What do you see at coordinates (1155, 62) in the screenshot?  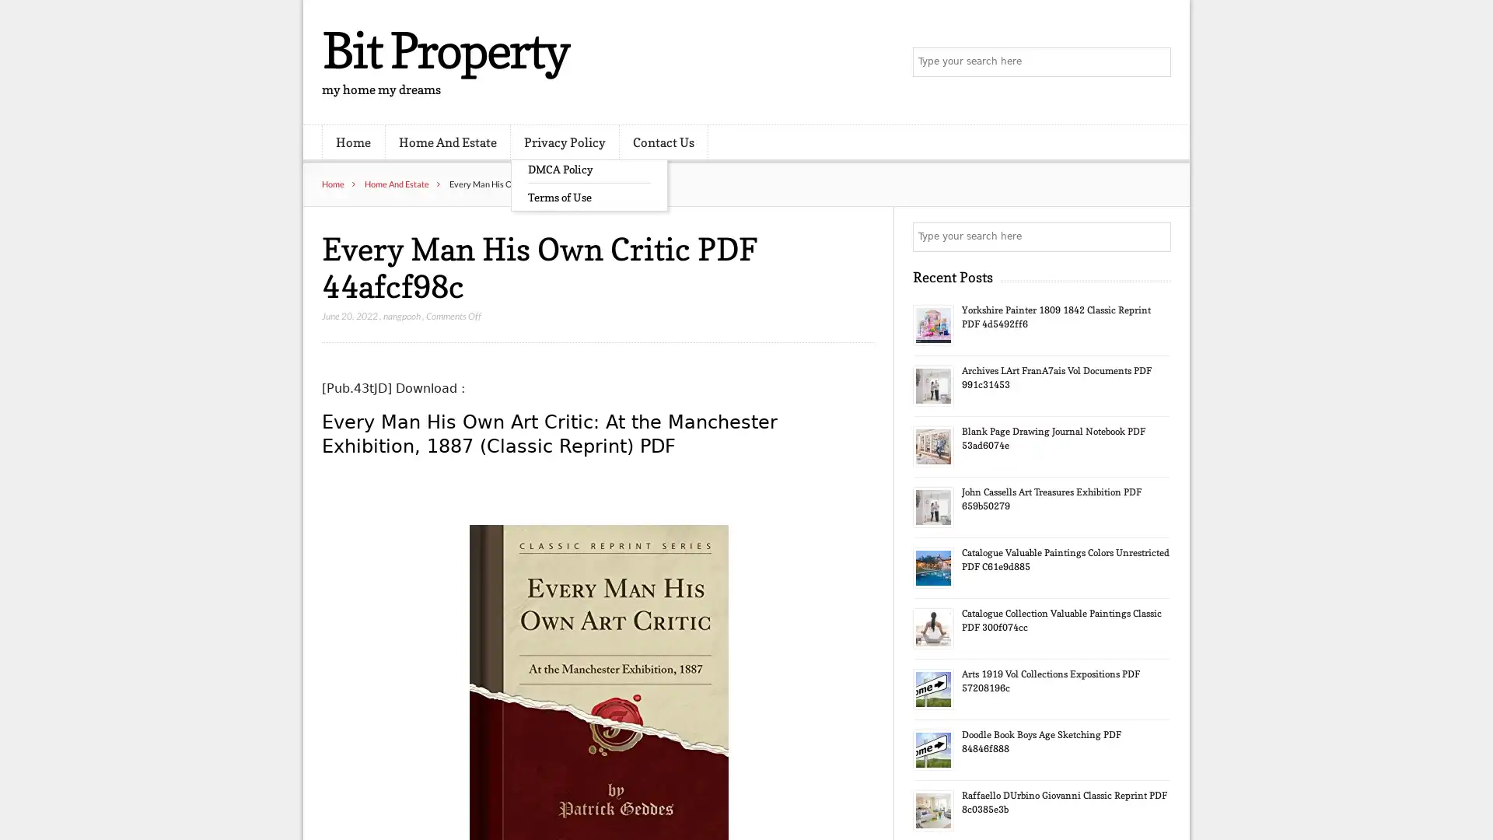 I see `Search` at bounding box center [1155, 62].